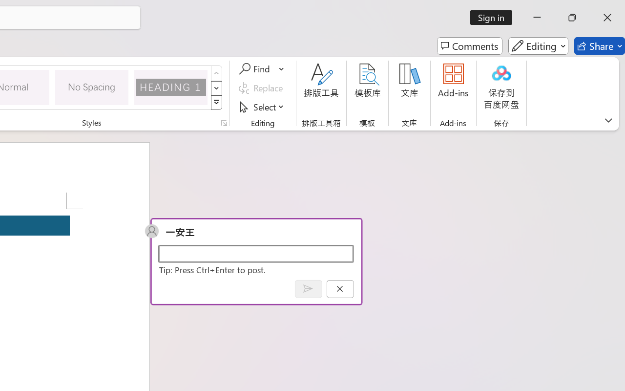  Describe the element at coordinates (308, 288) in the screenshot. I see `'Post comment (Ctrl + Enter)'` at that location.